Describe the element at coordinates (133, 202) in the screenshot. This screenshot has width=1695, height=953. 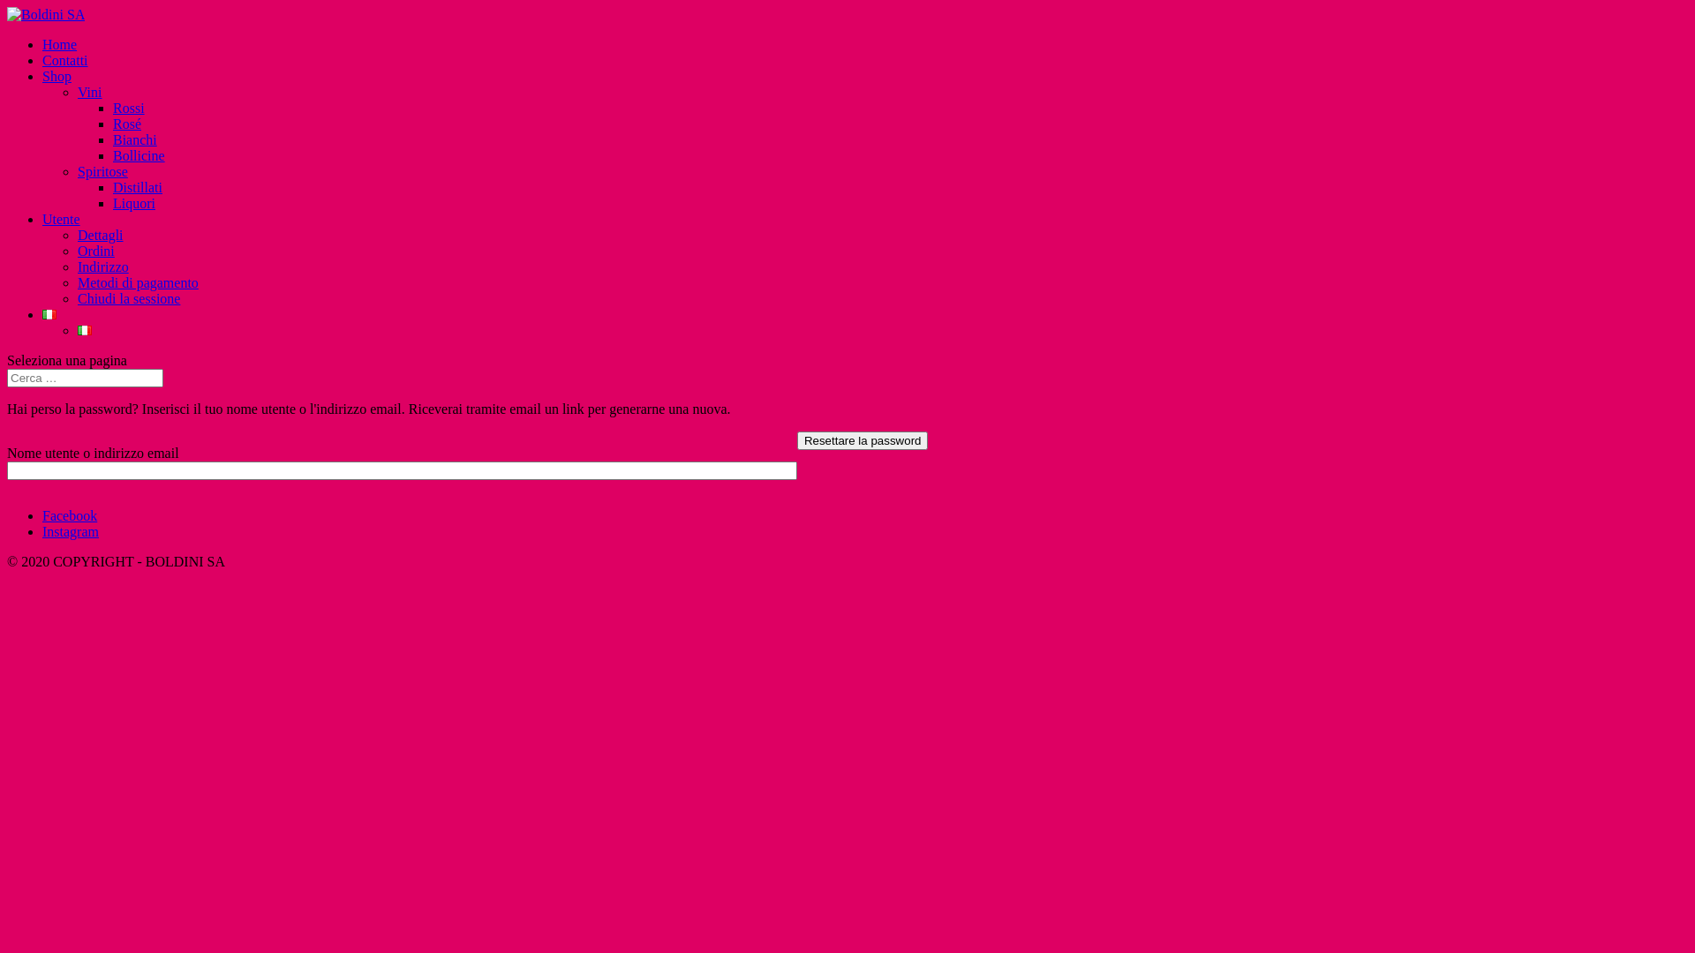
I see `'Liquori'` at that location.